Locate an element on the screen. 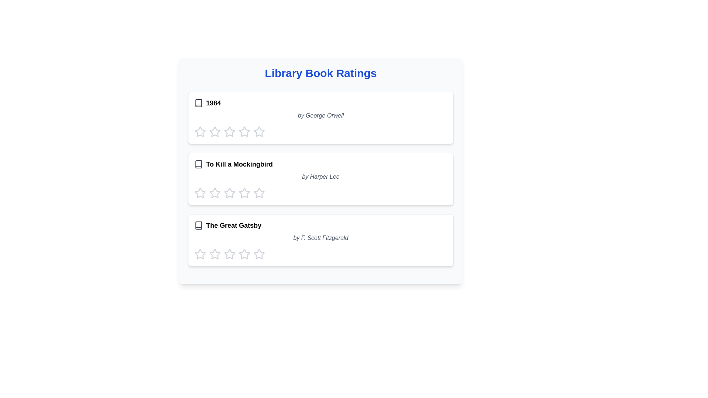  the third star icon in the rating row for 'To Kill a Mockingbird' is located at coordinates (259, 192).